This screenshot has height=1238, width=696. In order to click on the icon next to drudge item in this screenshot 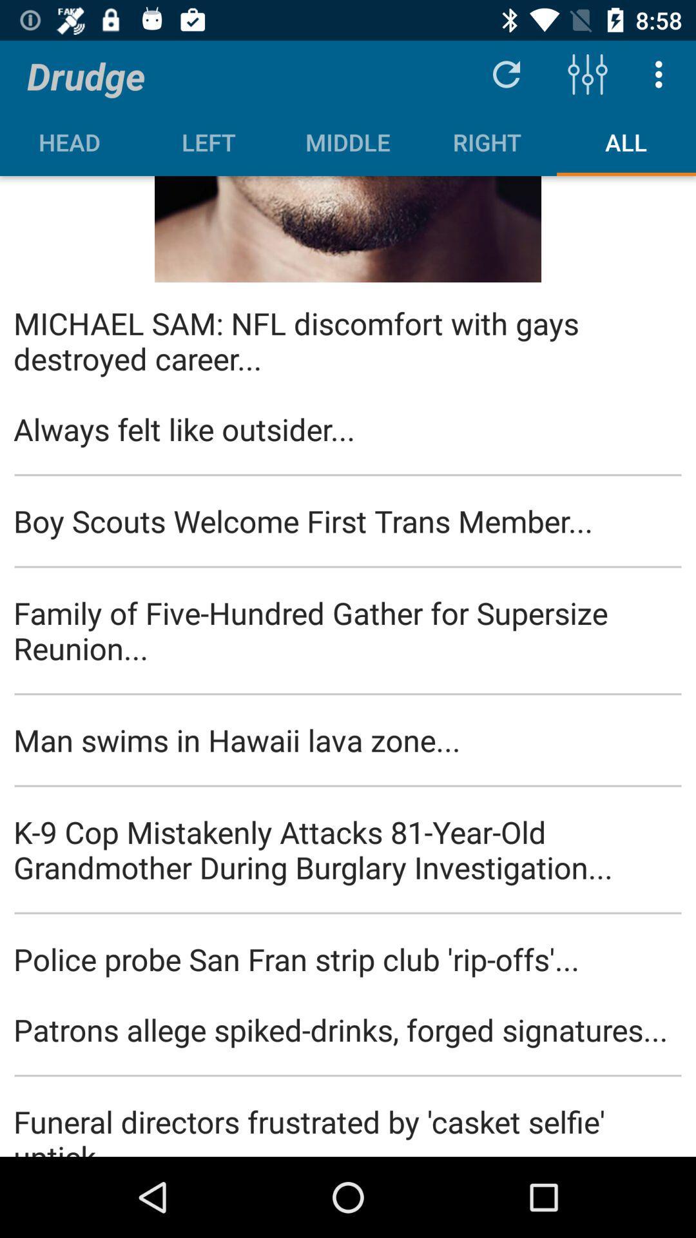, I will do `click(506, 74)`.